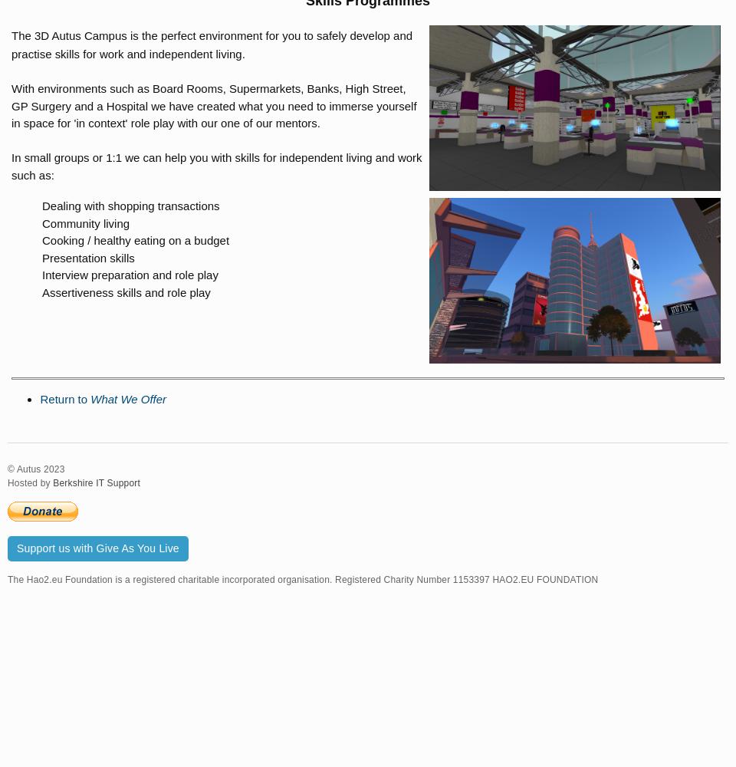 The height and width of the screenshot is (767, 736). Describe the element at coordinates (88, 256) in the screenshot. I see `'Presentation skills'` at that location.